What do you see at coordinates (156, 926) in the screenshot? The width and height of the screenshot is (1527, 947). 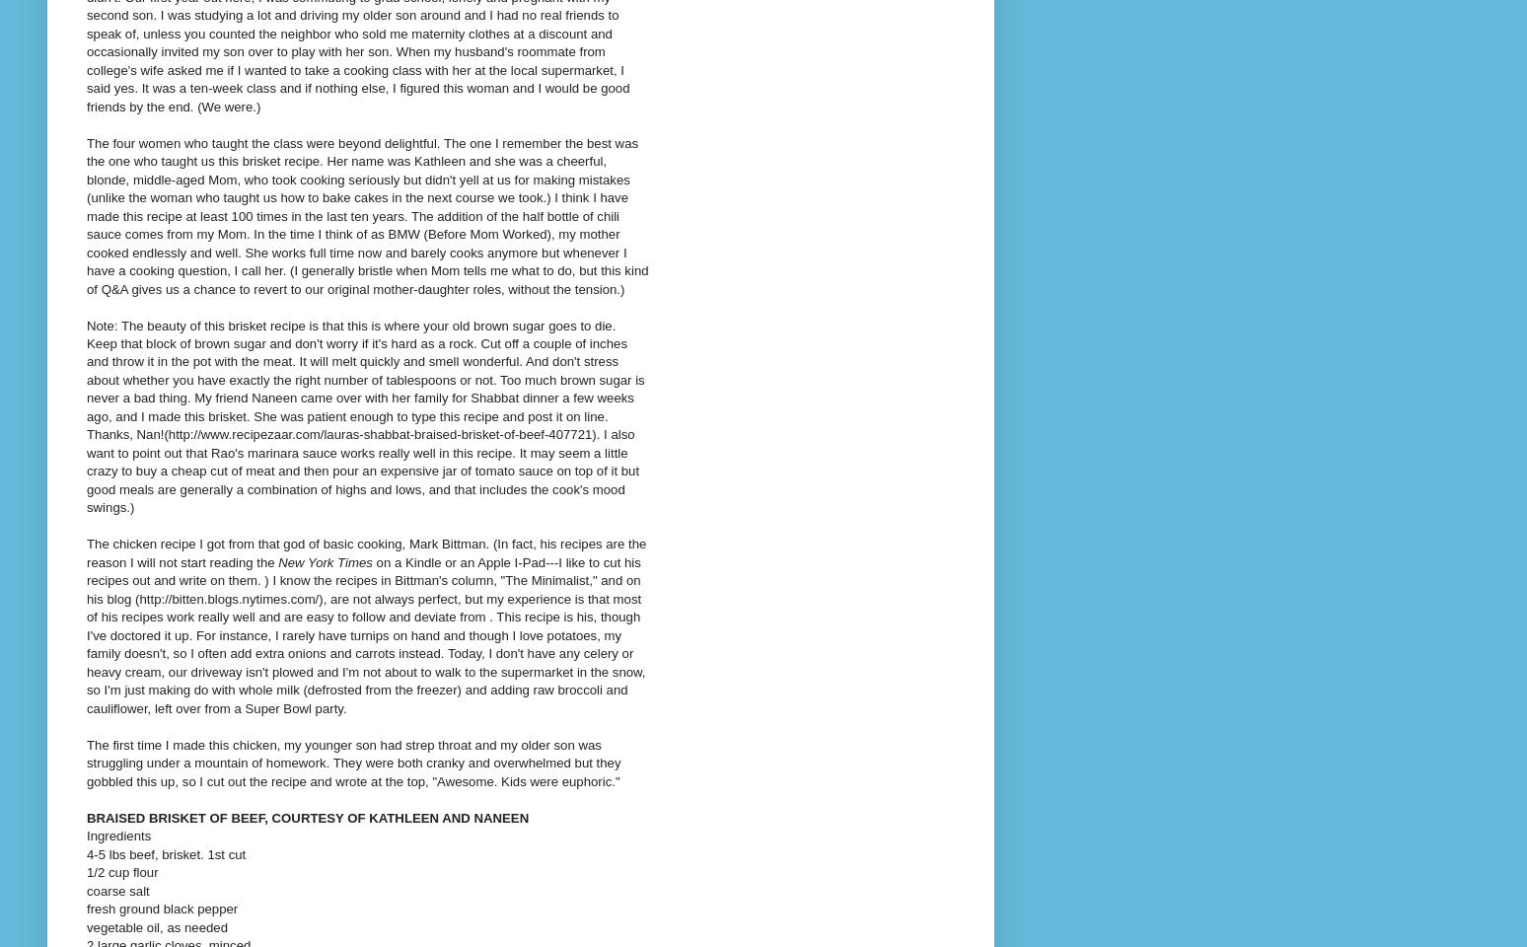 I see `'vegetable oil, as needed'` at bounding box center [156, 926].